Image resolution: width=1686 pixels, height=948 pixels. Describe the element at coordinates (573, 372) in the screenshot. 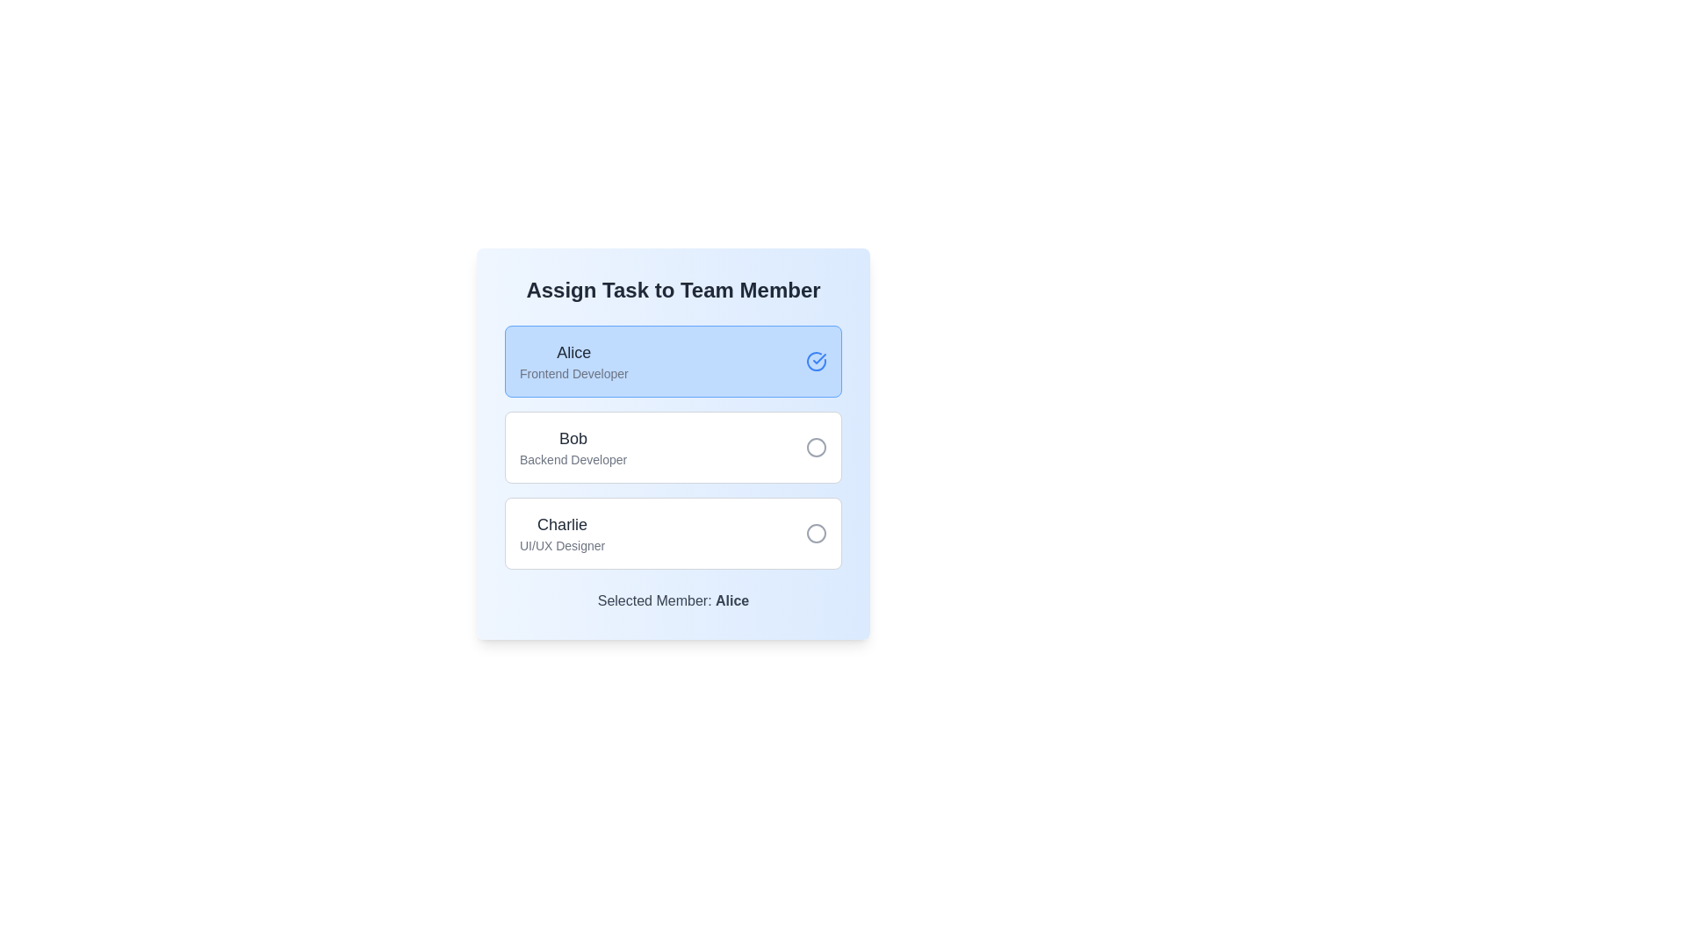

I see `the non-interactive text label indicating the role or position of 'Alice', which is positioned directly below the label 'Alice' in the team members list` at that location.